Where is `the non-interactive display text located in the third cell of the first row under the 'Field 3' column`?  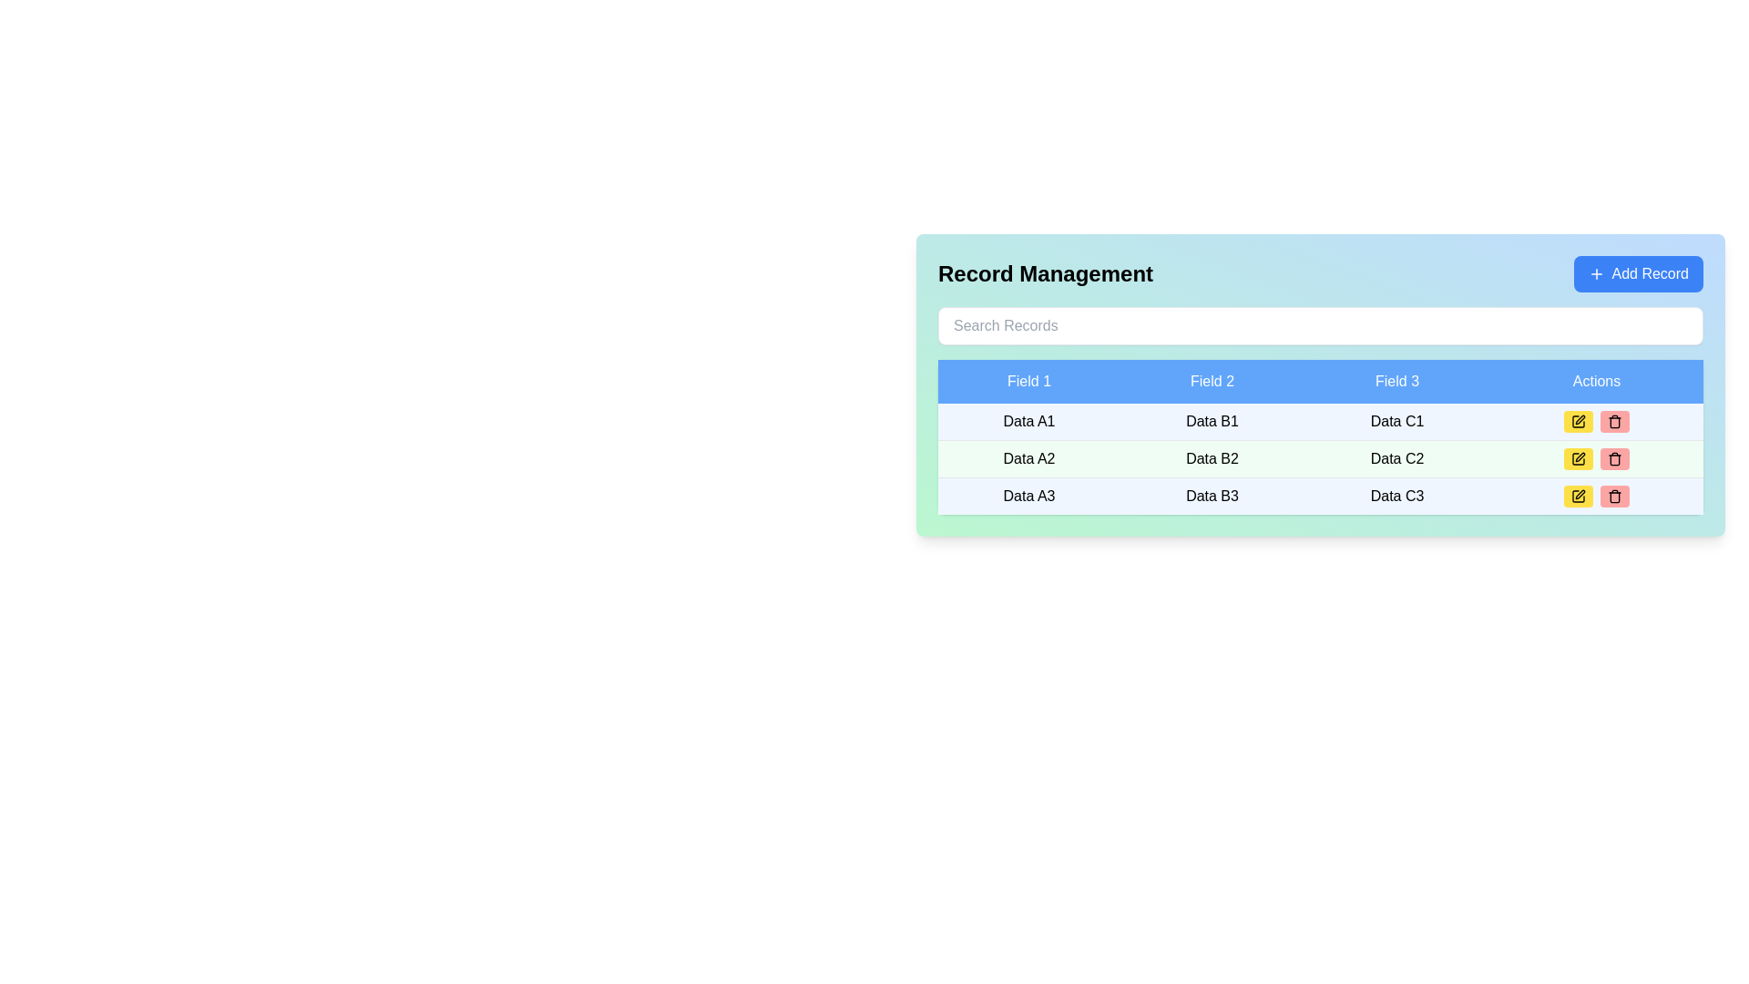
the non-interactive display text located in the third cell of the first row under the 'Field 3' column is located at coordinates (1396, 422).